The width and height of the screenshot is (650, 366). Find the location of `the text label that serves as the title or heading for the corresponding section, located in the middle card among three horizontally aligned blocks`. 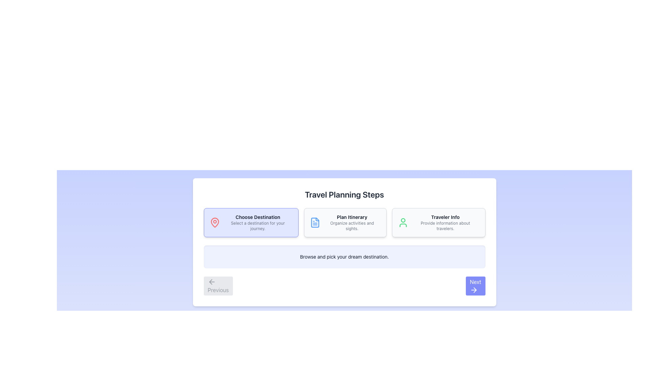

the text label that serves as the title or heading for the corresponding section, located in the middle card among three horizontally aligned blocks is located at coordinates (352, 217).